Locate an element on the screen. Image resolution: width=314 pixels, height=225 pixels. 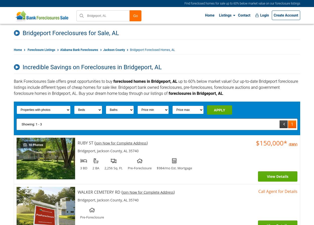
'10 Photos' is located at coordinates (28, 145).